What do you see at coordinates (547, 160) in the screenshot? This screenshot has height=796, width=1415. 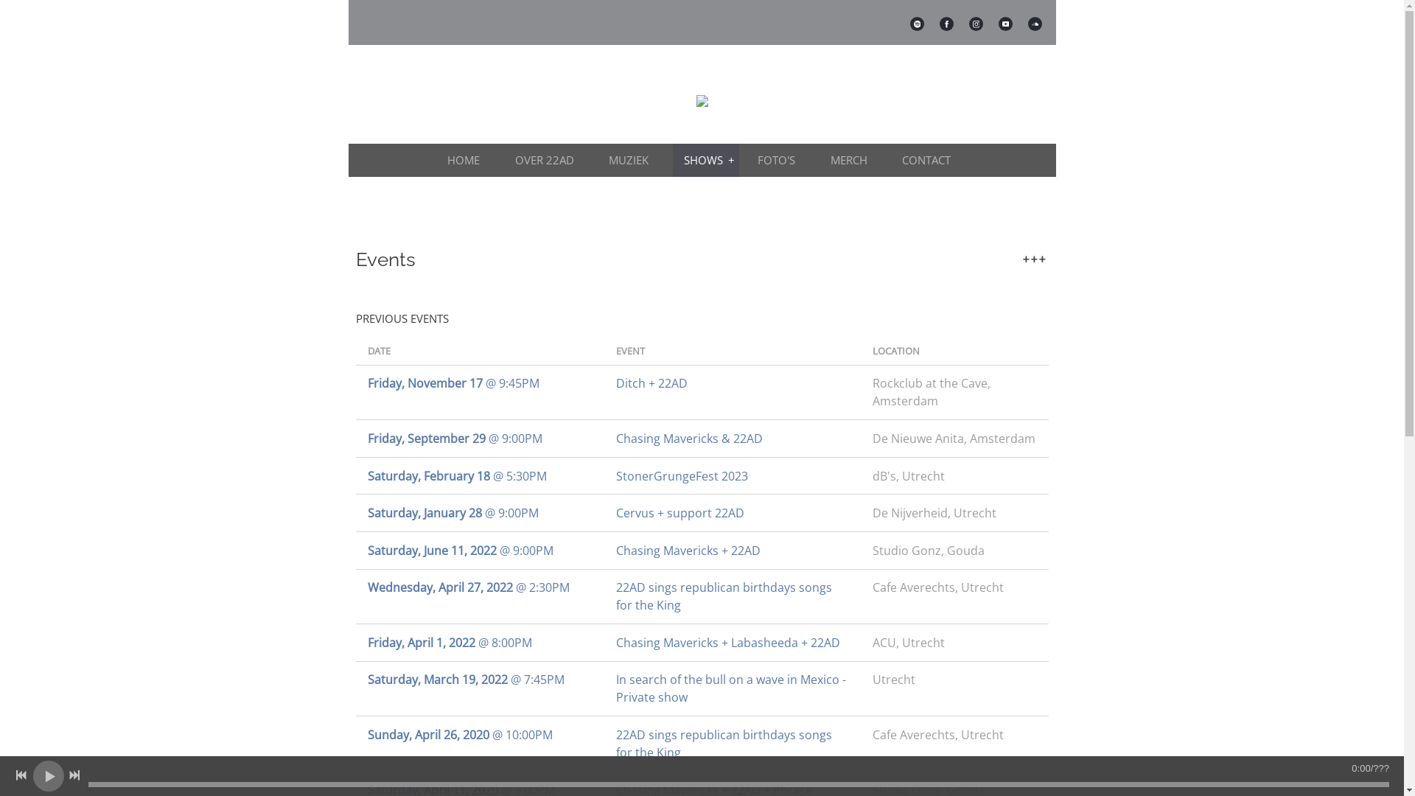 I see `'OVER 22AD'` at bounding box center [547, 160].